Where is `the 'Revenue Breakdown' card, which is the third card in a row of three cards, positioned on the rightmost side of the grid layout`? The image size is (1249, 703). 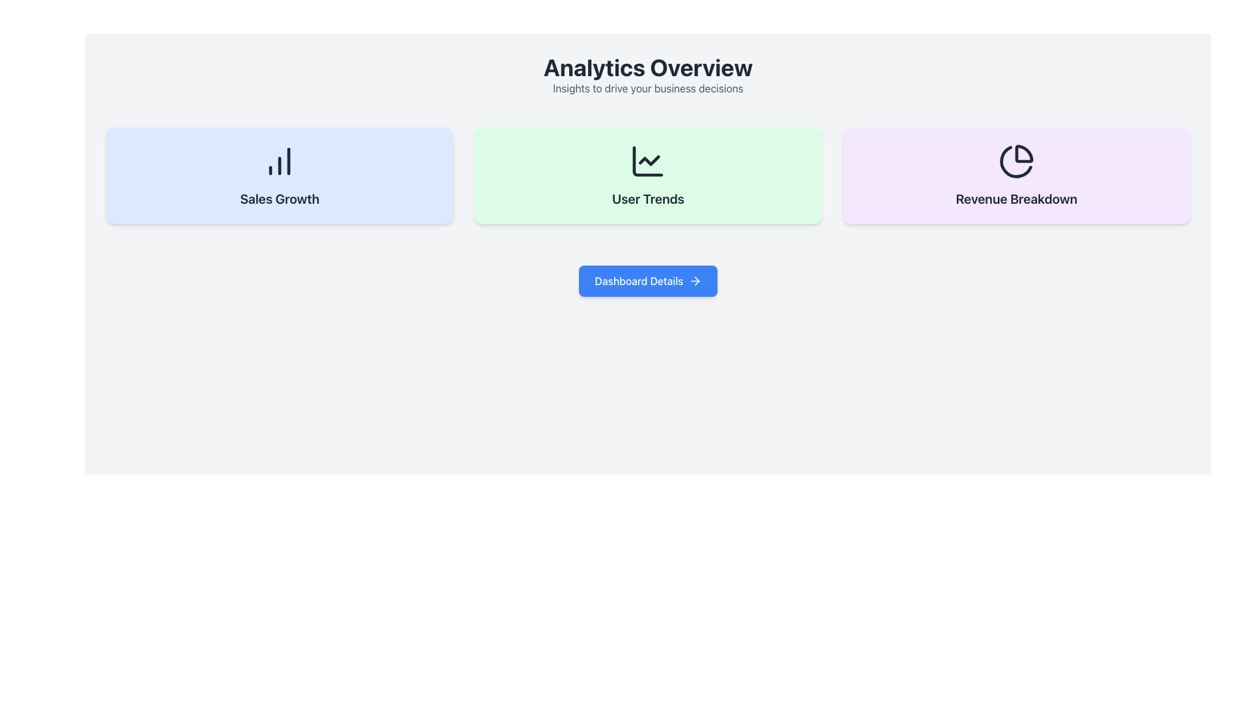
the 'Revenue Breakdown' card, which is the third card in a row of three cards, positioned on the rightmost side of the grid layout is located at coordinates (1015, 176).